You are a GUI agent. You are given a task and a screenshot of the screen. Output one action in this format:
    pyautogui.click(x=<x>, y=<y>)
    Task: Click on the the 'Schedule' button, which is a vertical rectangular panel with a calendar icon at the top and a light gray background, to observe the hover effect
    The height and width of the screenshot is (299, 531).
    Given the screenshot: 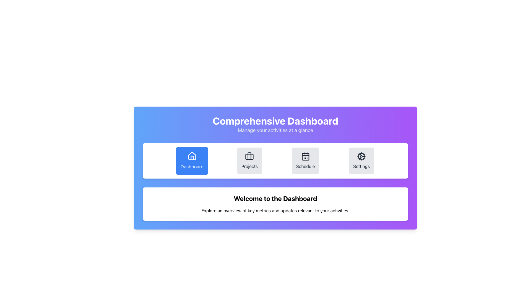 What is the action you would take?
    pyautogui.click(x=305, y=161)
    